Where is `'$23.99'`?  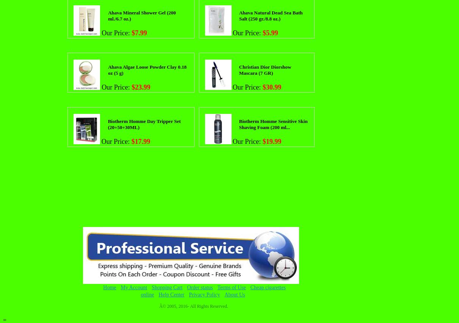
'$23.99' is located at coordinates (140, 87).